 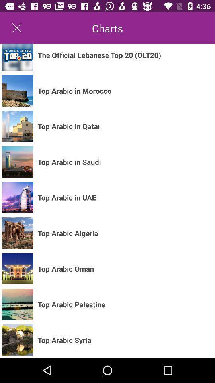 What do you see at coordinates (17, 28) in the screenshot?
I see `the item to the left of the charts` at bounding box center [17, 28].